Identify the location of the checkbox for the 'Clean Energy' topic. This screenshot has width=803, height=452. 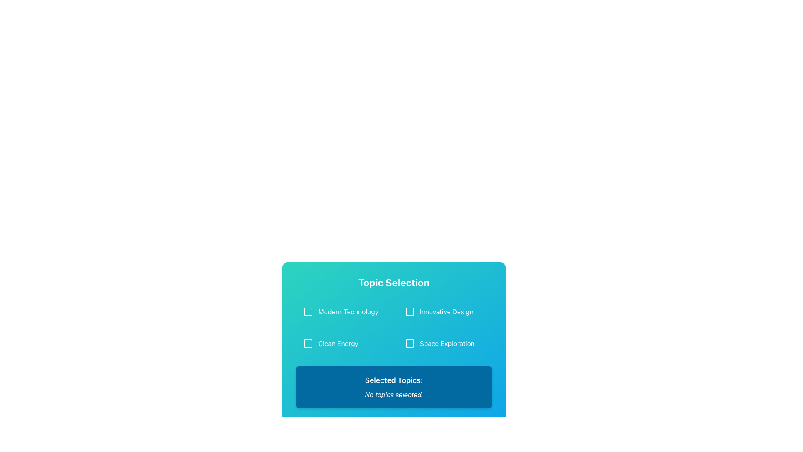
(308, 344).